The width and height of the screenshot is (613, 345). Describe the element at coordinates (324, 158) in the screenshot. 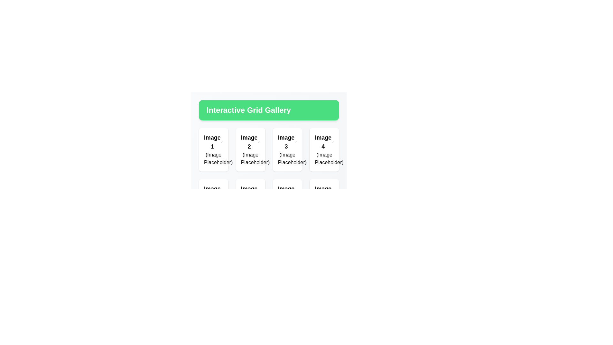

I see `static text label displaying '(Image Placeholder)' located in the fourth column of the grid layout, positioned below the title text 'Image 4'` at that location.